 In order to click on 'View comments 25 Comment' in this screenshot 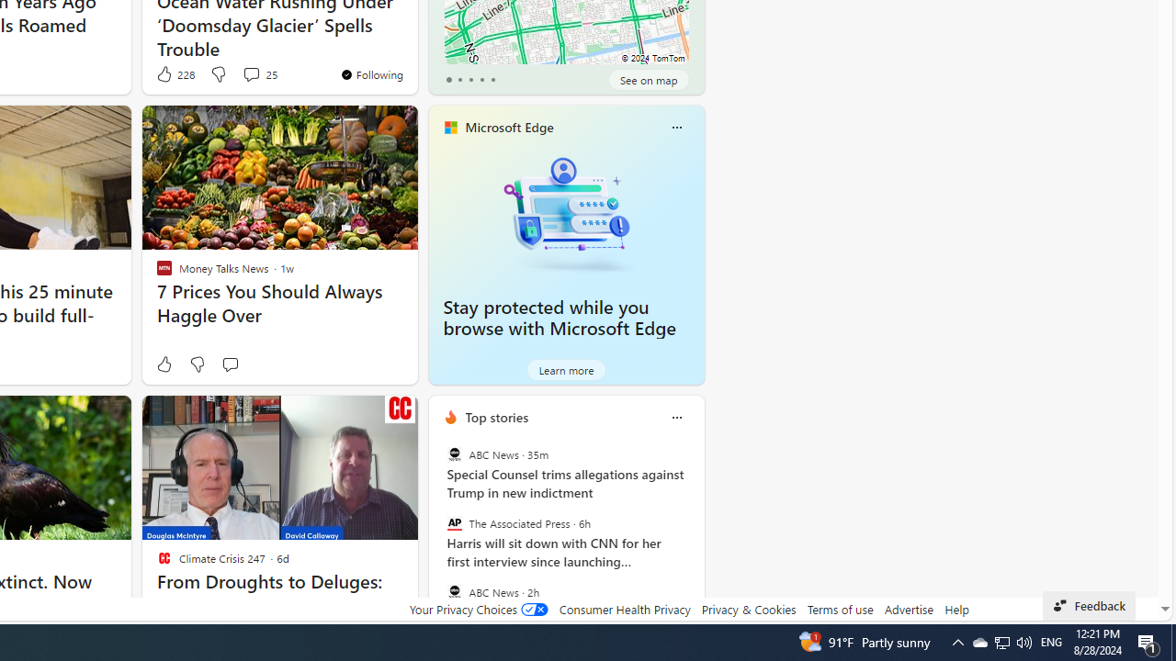, I will do `click(258, 73)`.